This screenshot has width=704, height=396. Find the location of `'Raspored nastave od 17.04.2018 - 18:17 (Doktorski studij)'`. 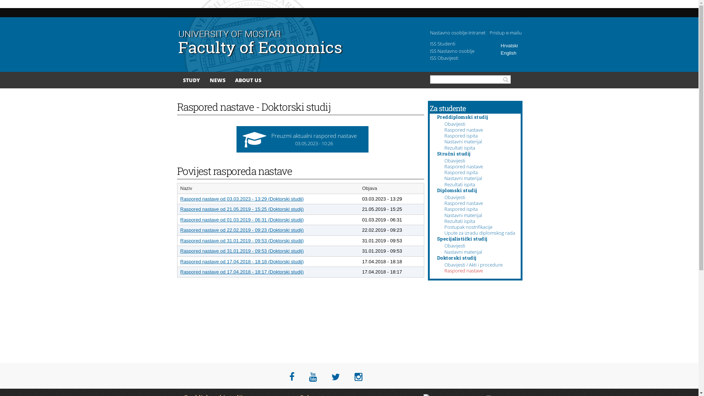

'Raspored nastave od 17.04.2018 - 18:17 (Doktorski studij)' is located at coordinates (242, 272).